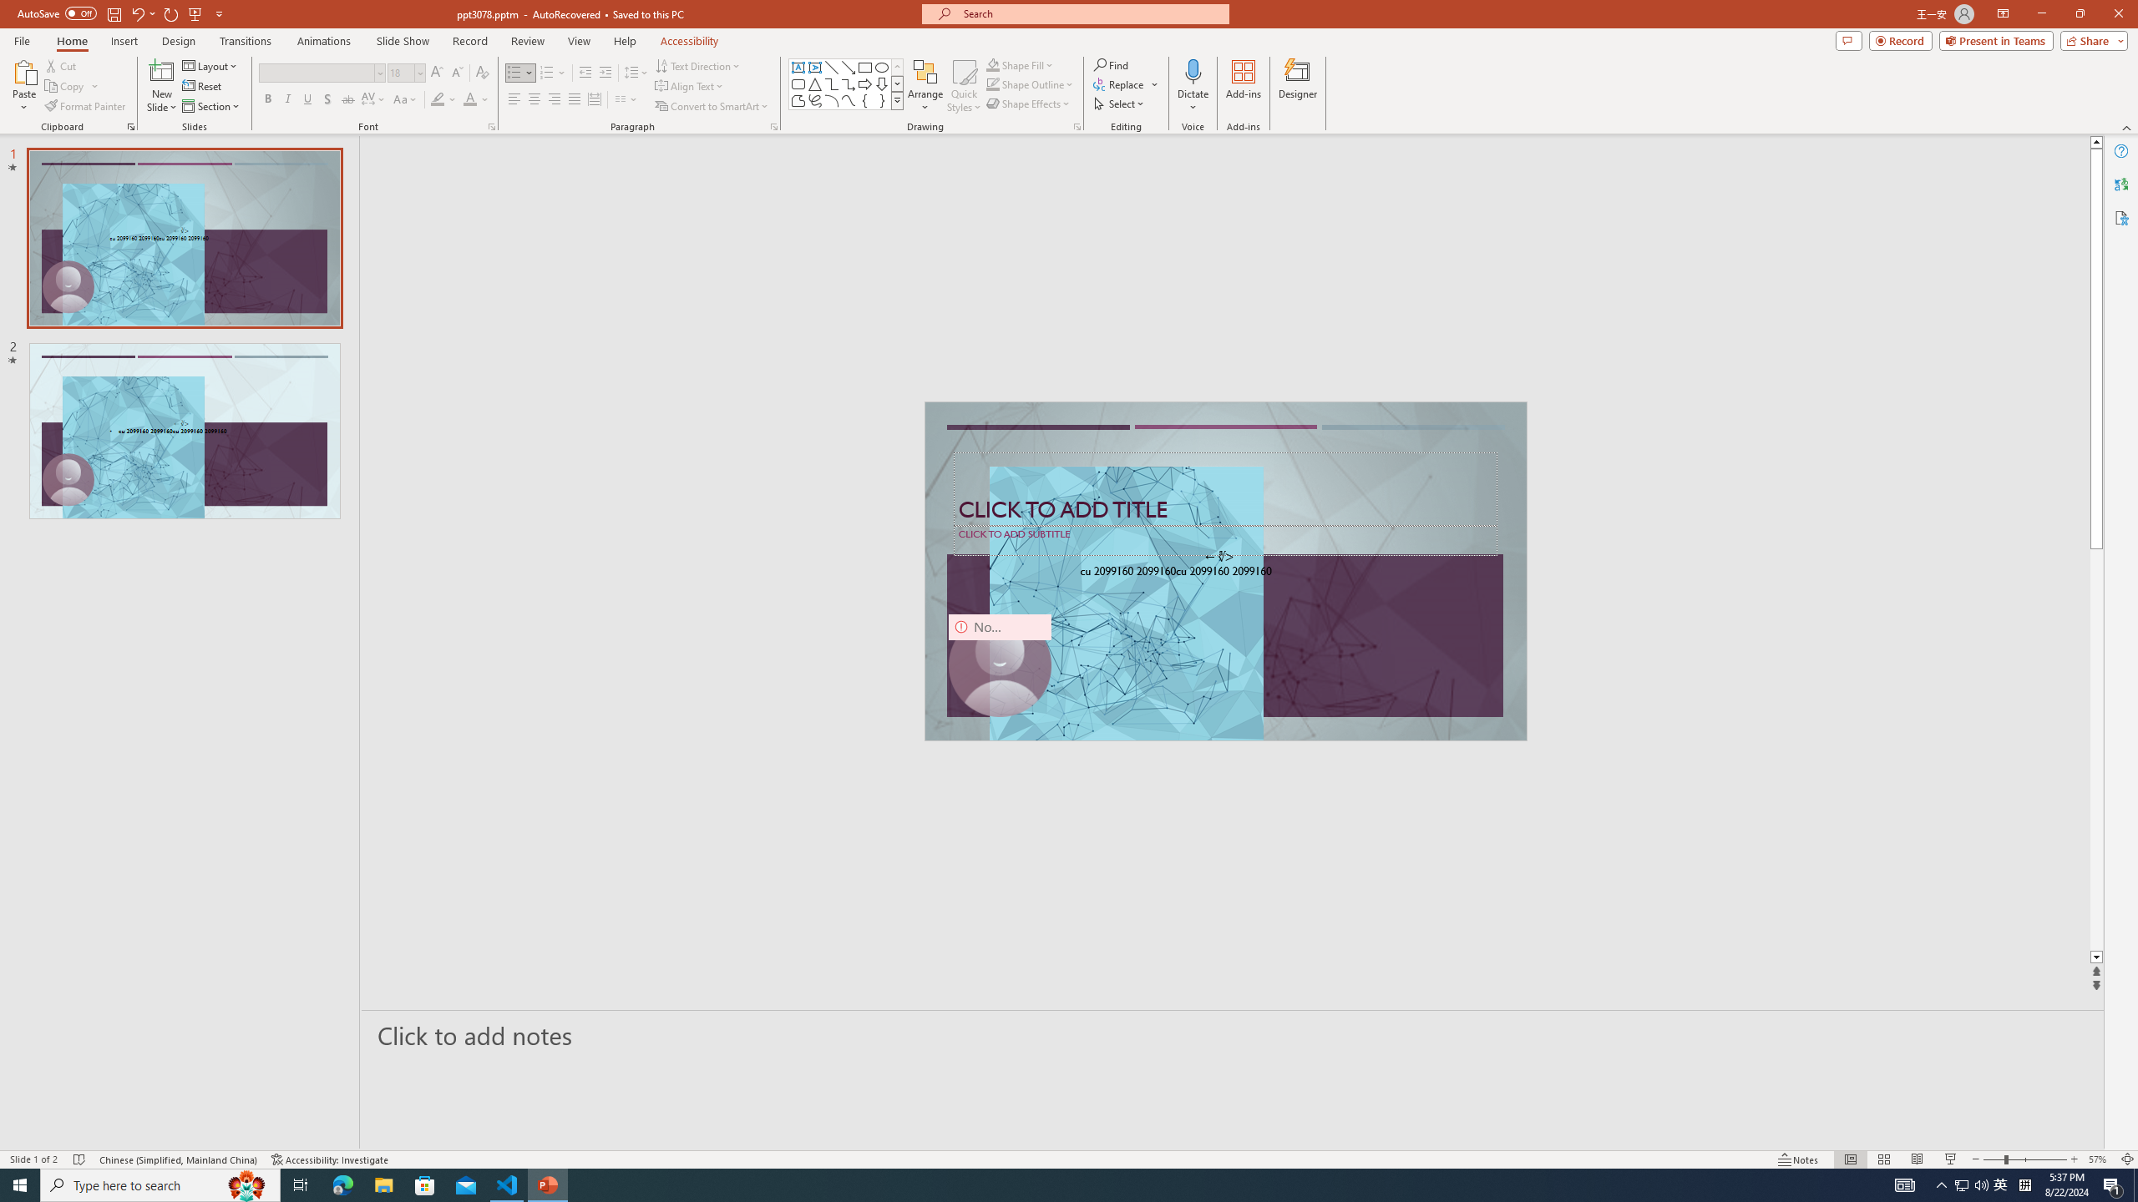 The width and height of the screenshot is (2138, 1202). I want to click on 'Numbering', so click(554, 73).